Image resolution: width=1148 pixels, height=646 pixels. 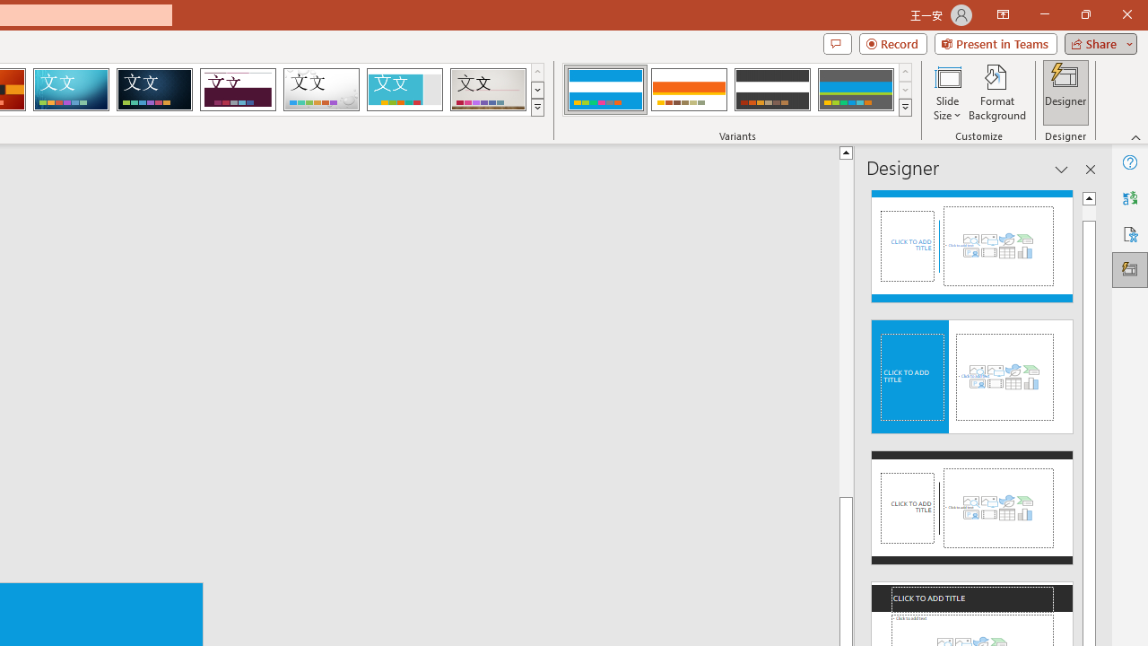 I want to click on 'Frame', so click(x=404, y=90).